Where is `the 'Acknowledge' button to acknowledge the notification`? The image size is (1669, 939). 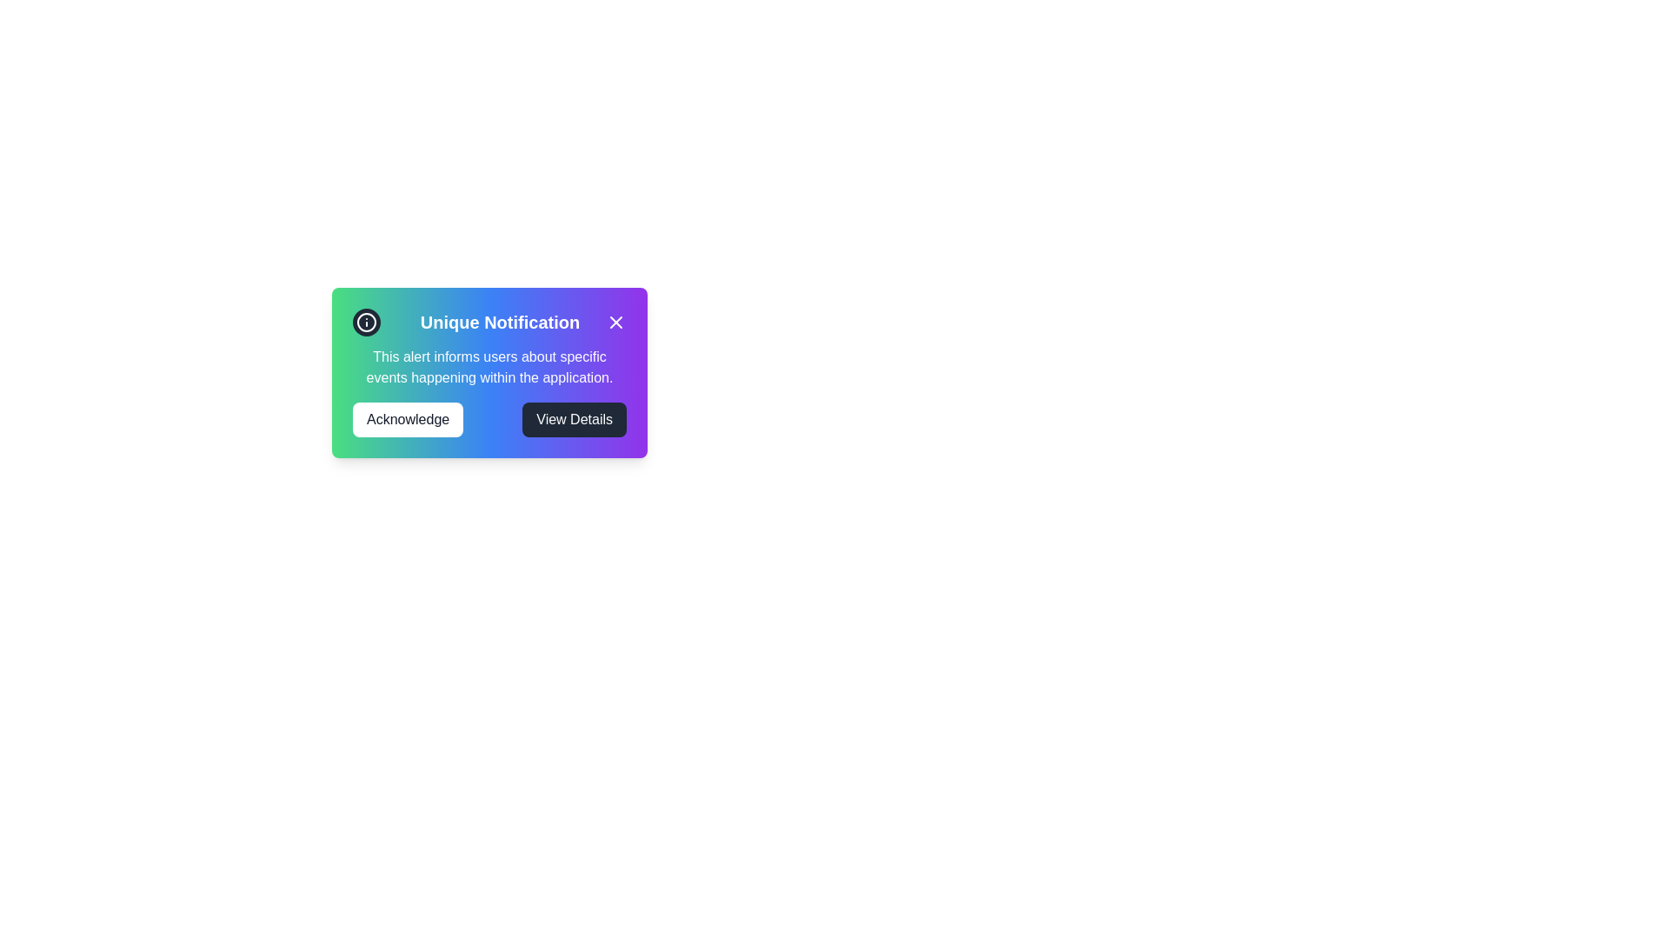
the 'Acknowledge' button to acknowledge the notification is located at coordinates (407, 419).